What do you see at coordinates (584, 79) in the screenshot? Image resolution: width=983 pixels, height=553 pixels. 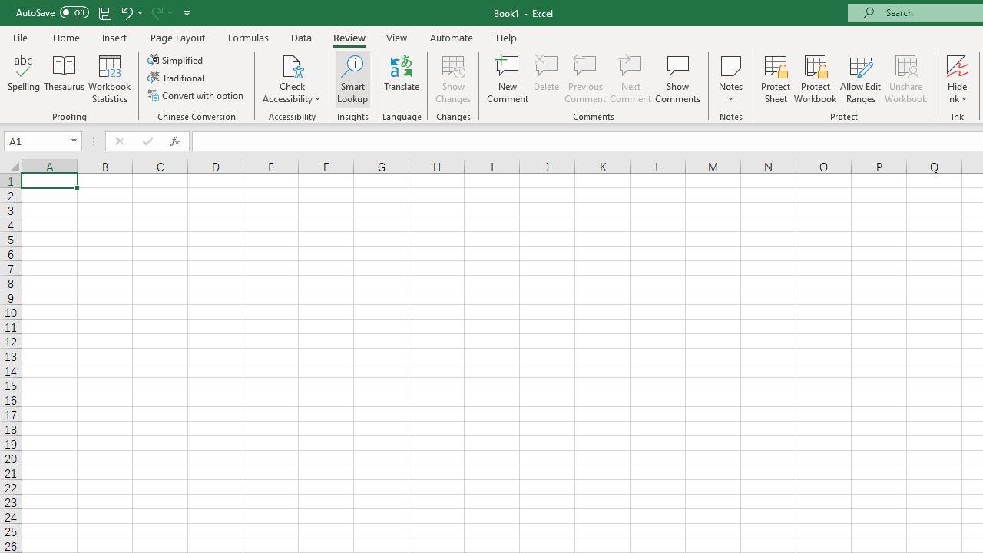 I see `'Previous Comment'` at bounding box center [584, 79].